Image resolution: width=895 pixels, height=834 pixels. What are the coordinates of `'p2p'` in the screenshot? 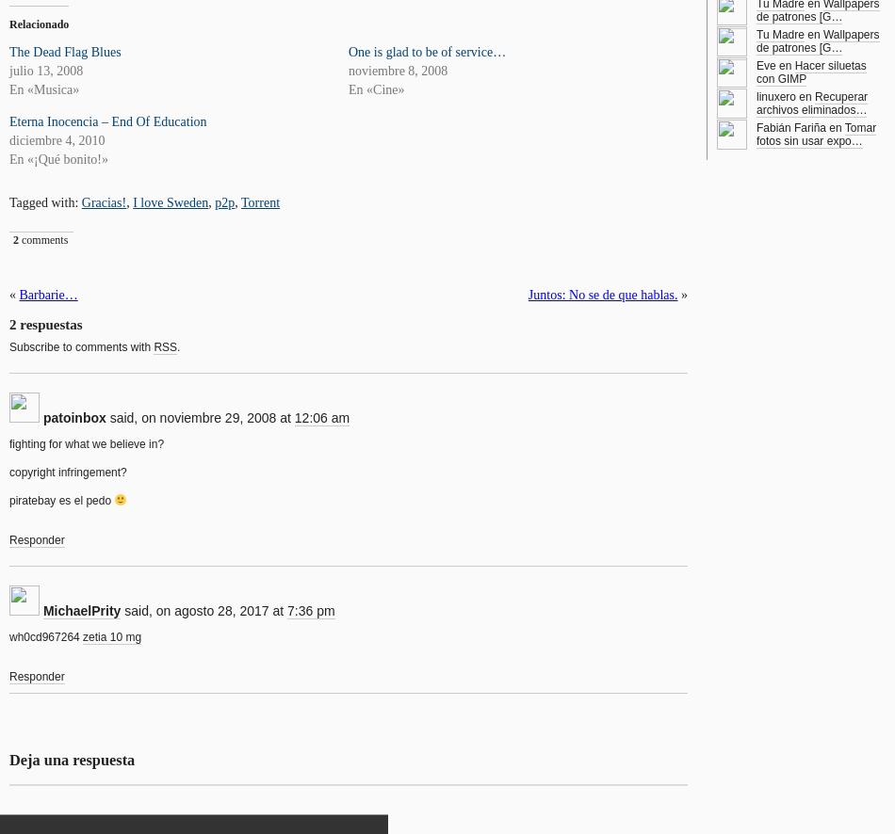 It's located at (224, 202).